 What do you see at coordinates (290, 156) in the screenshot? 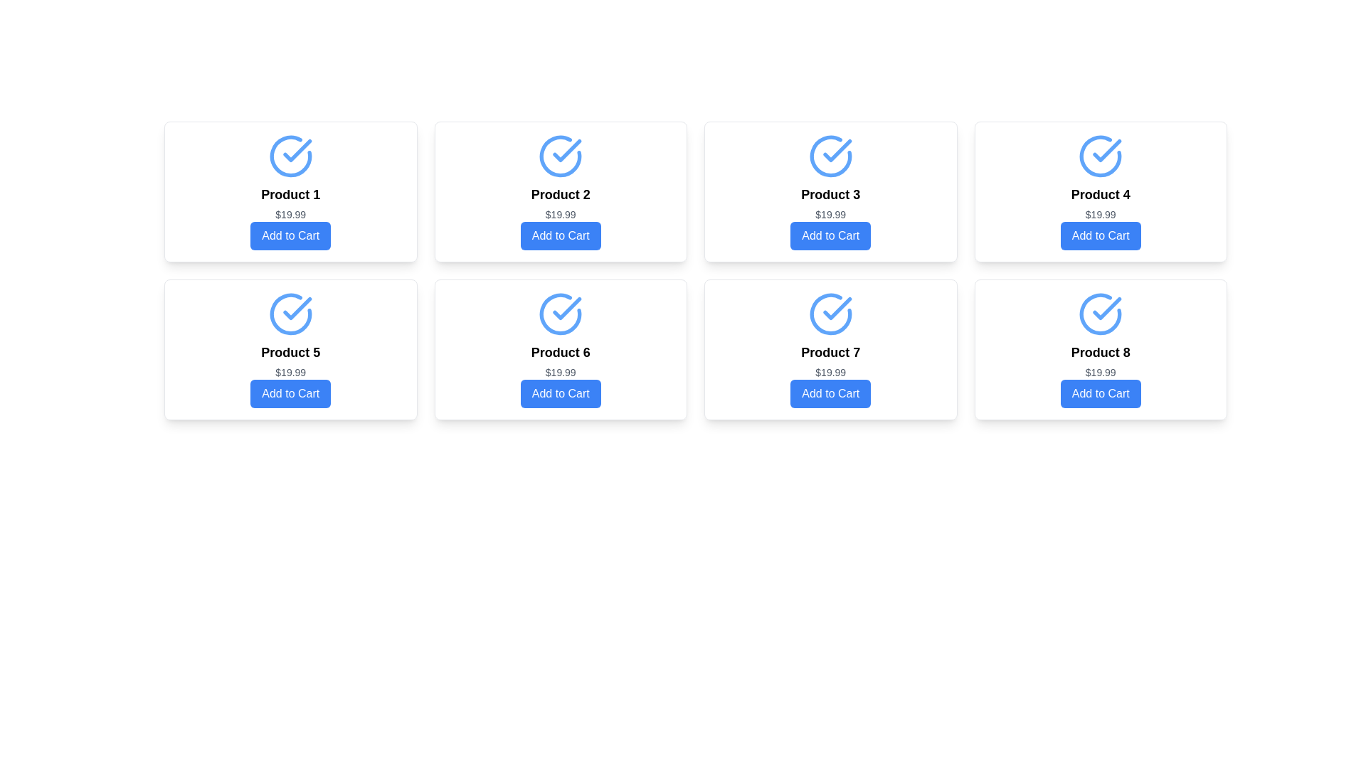
I see `the circular checkmark icon located at the top of the card labelled 'Product 1' for additional information` at bounding box center [290, 156].